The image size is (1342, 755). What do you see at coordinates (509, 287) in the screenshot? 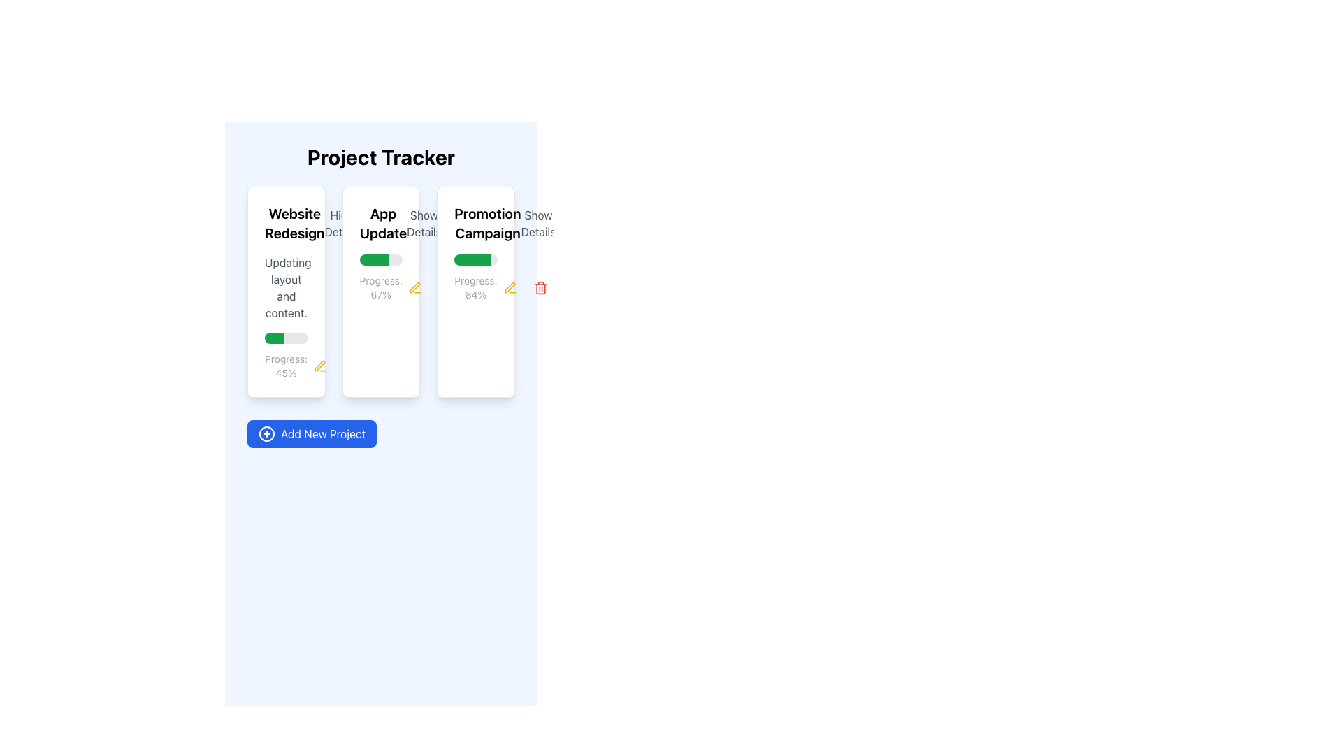
I see `the pen-shaped icon button with a yellow stroke color, located within a circular background, to initiate editing` at bounding box center [509, 287].